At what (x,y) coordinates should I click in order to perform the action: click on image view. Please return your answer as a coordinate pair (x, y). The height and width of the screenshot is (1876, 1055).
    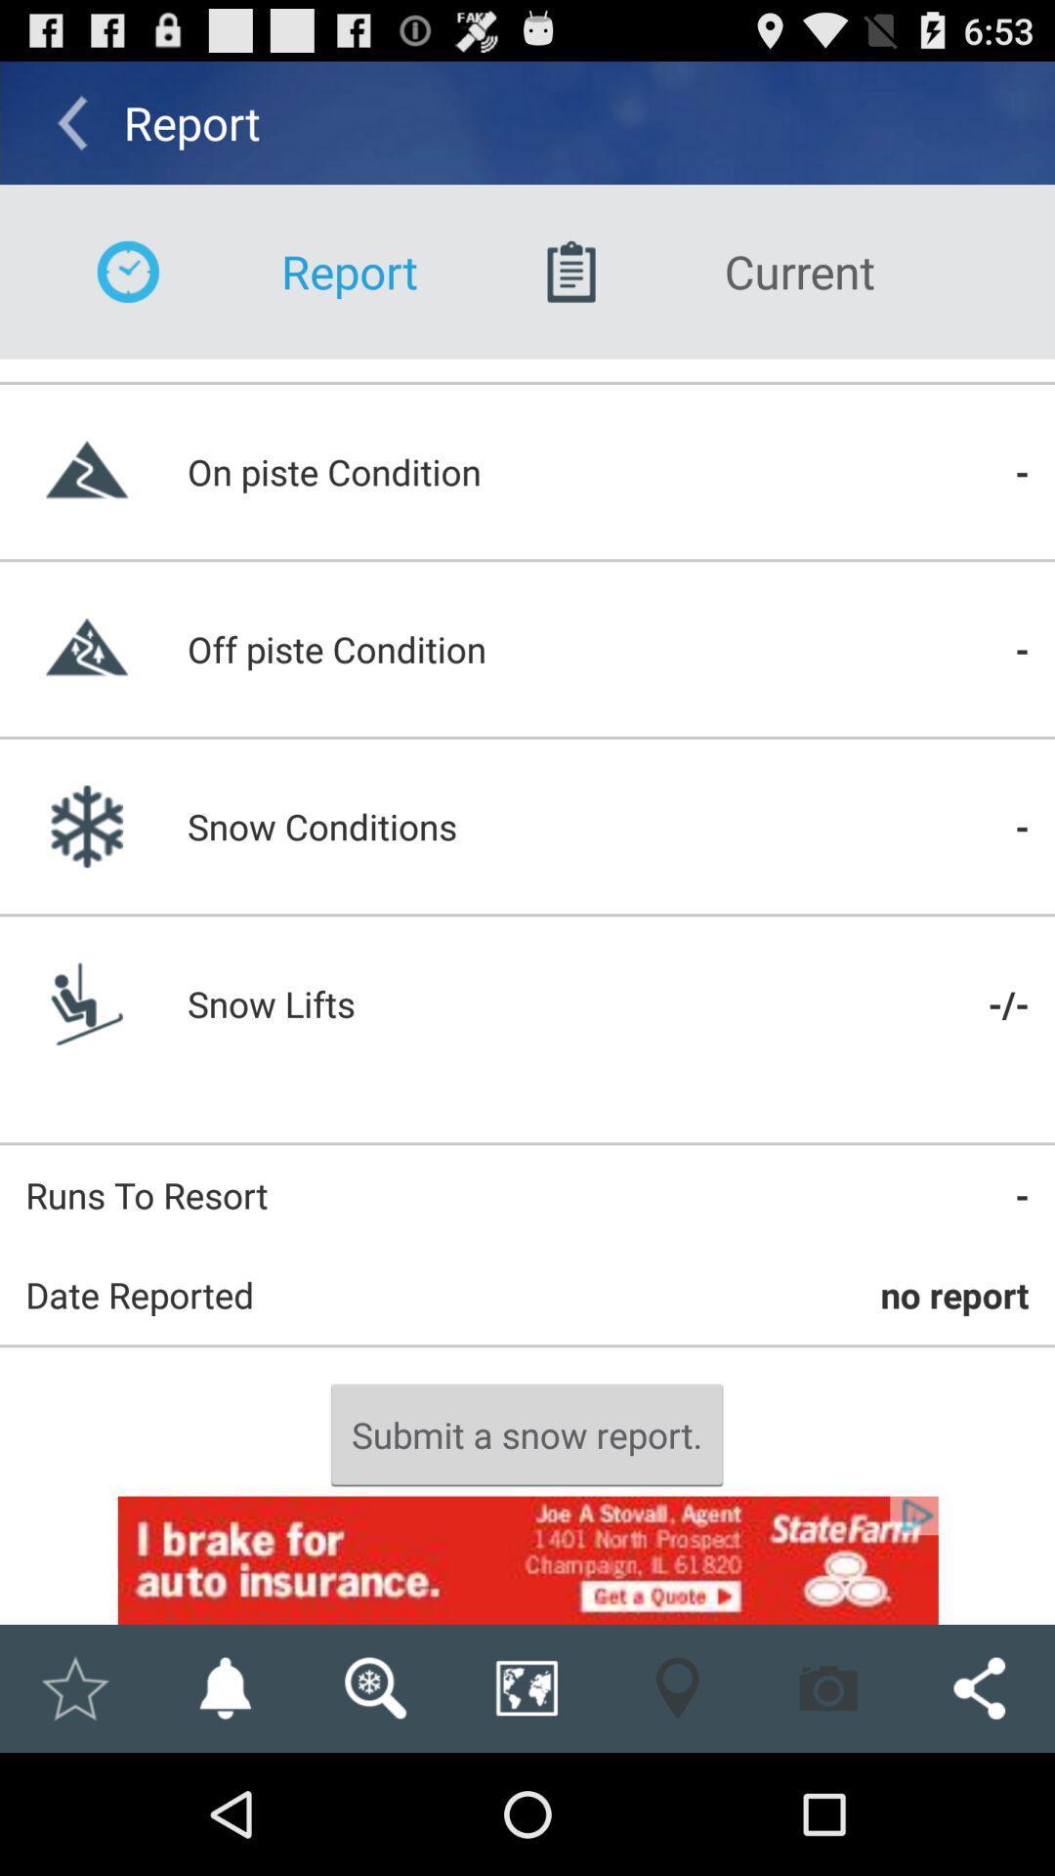
    Looking at the image, I should click on (375, 1687).